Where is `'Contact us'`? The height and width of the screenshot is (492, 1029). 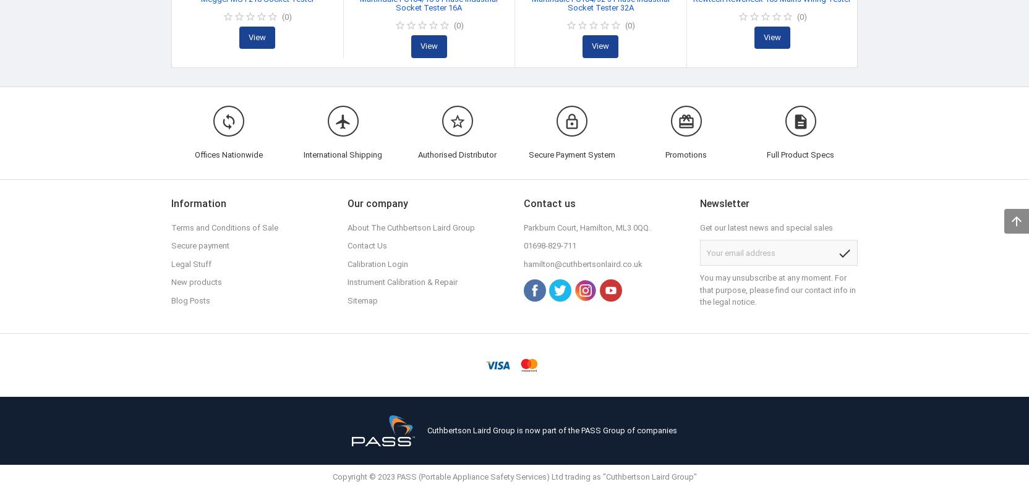
'Contact us' is located at coordinates (549, 203).